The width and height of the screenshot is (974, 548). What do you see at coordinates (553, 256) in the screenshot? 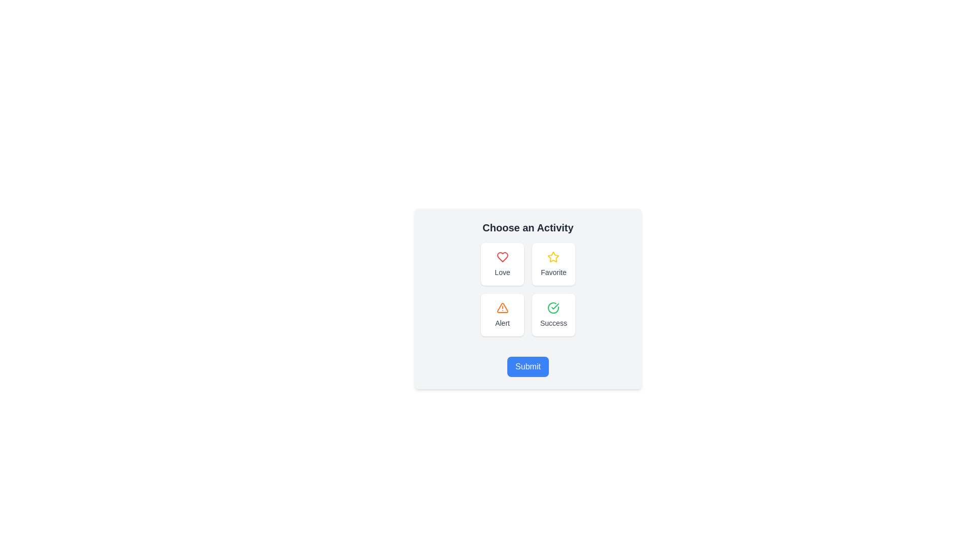
I see `the top-right 'Favorite' icon in the 2x2 grid` at bounding box center [553, 256].